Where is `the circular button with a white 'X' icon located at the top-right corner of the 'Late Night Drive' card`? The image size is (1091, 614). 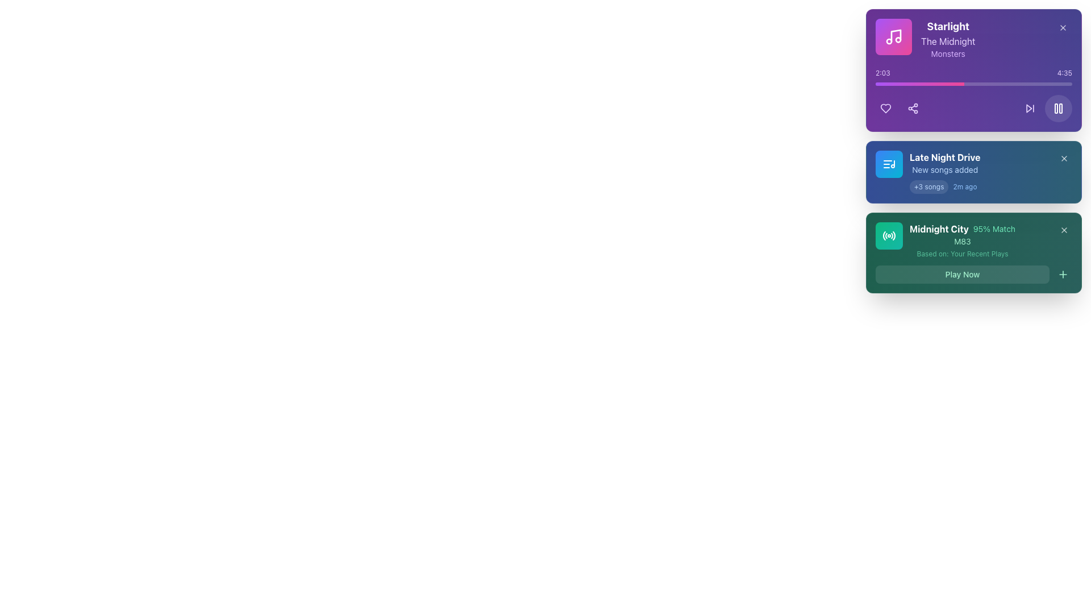 the circular button with a white 'X' icon located at the top-right corner of the 'Late Night Drive' card is located at coordinates (1063, 158).